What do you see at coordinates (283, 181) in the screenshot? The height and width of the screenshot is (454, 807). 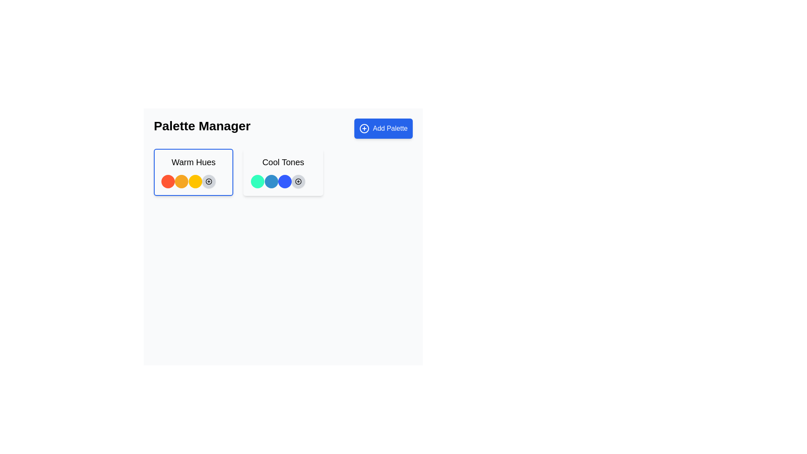 I see `the third circular color indicator in the 'Cool Tones' palette card, which is solidly colored in darker blue` at bounding box center [283, 181].